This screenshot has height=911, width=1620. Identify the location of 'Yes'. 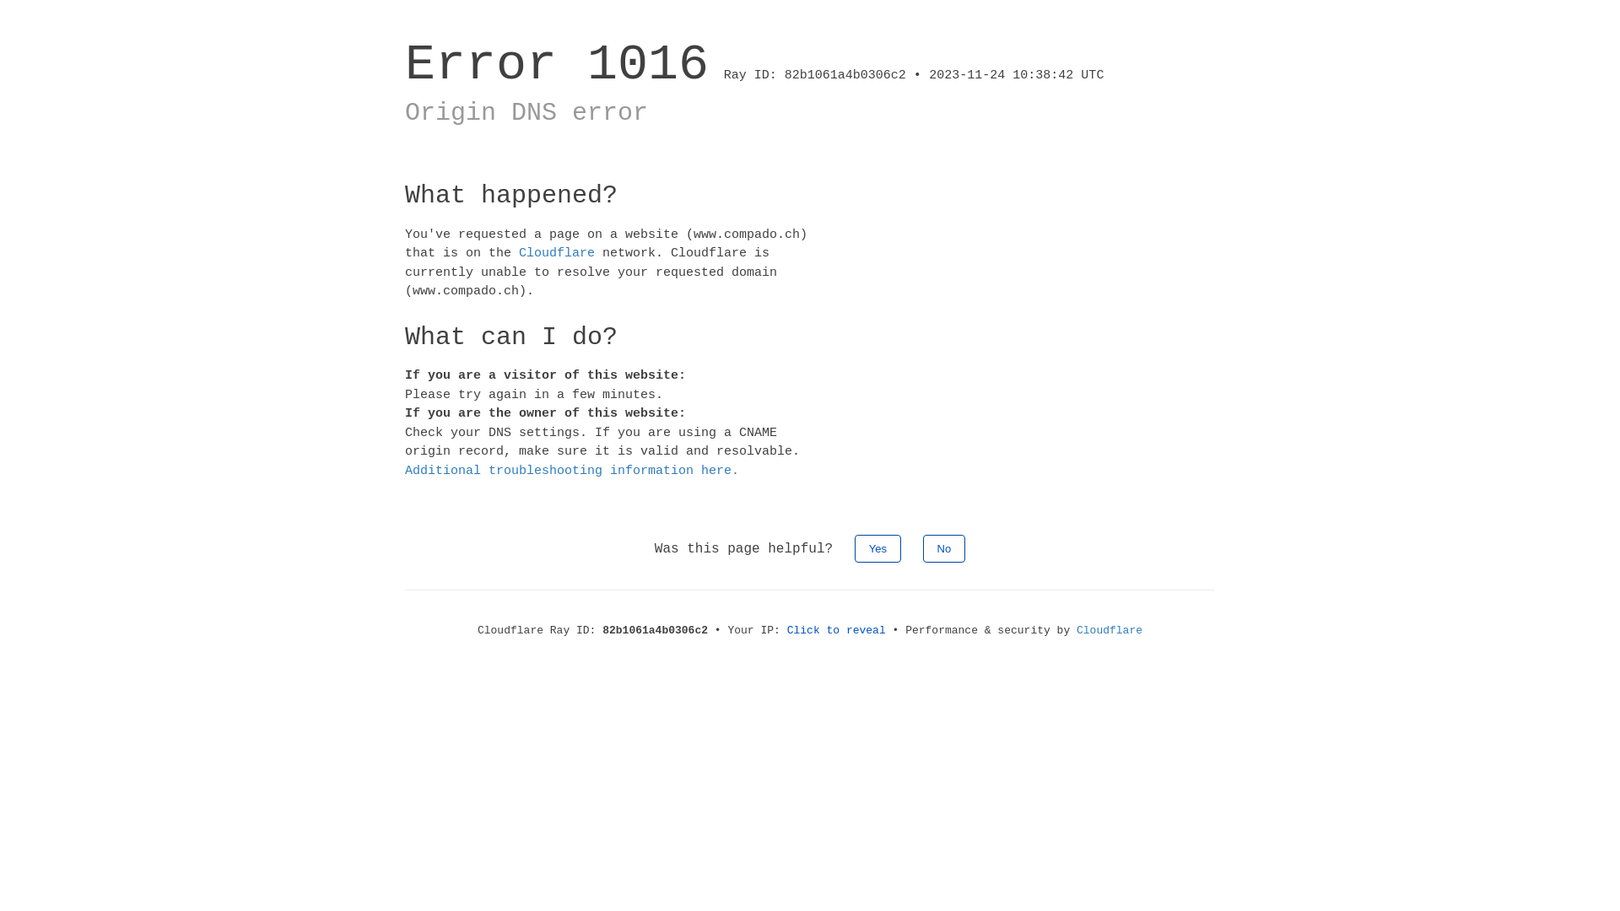
(877, 548).